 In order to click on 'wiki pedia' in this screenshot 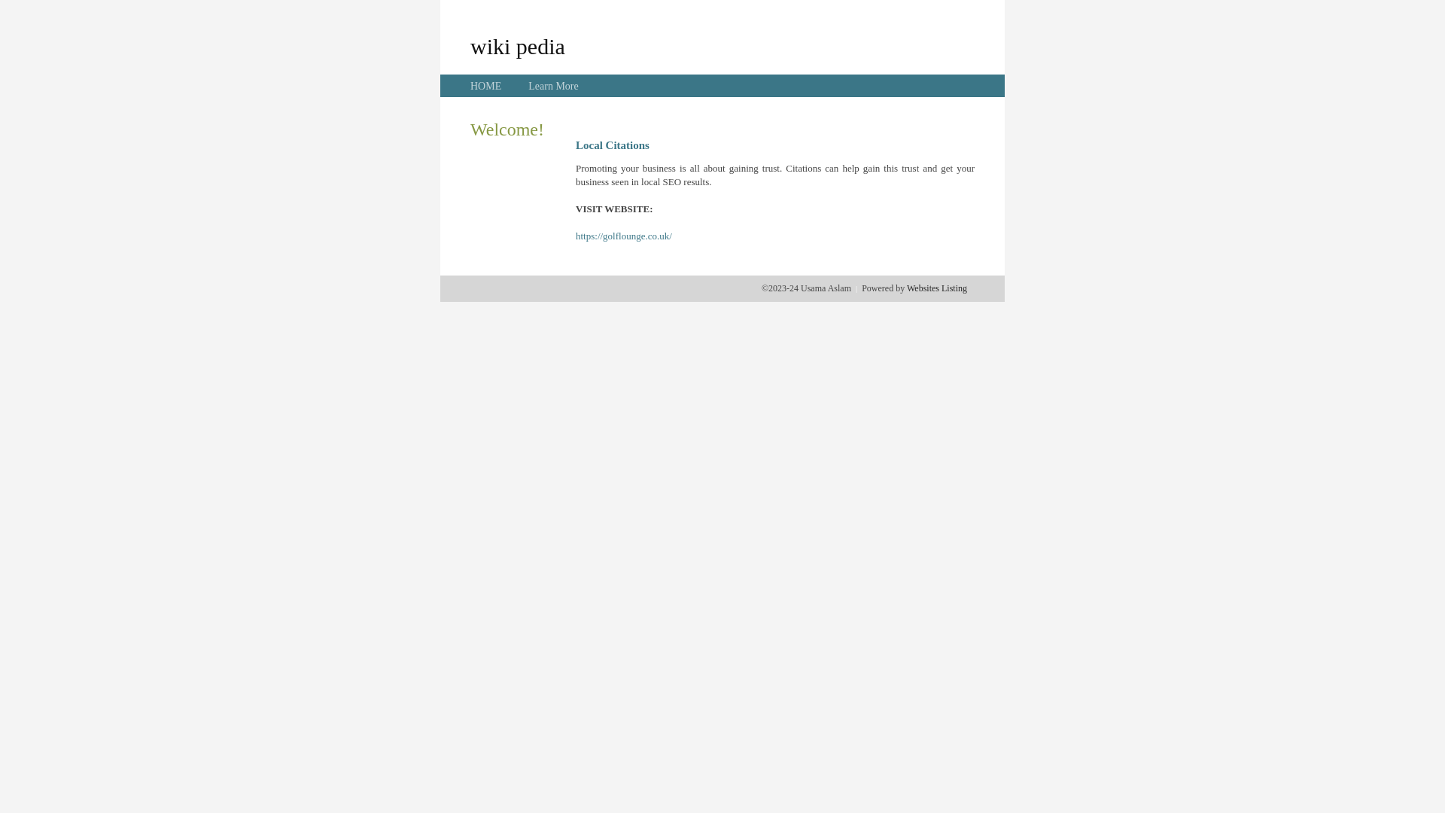, I will do `click(517, 45)`.